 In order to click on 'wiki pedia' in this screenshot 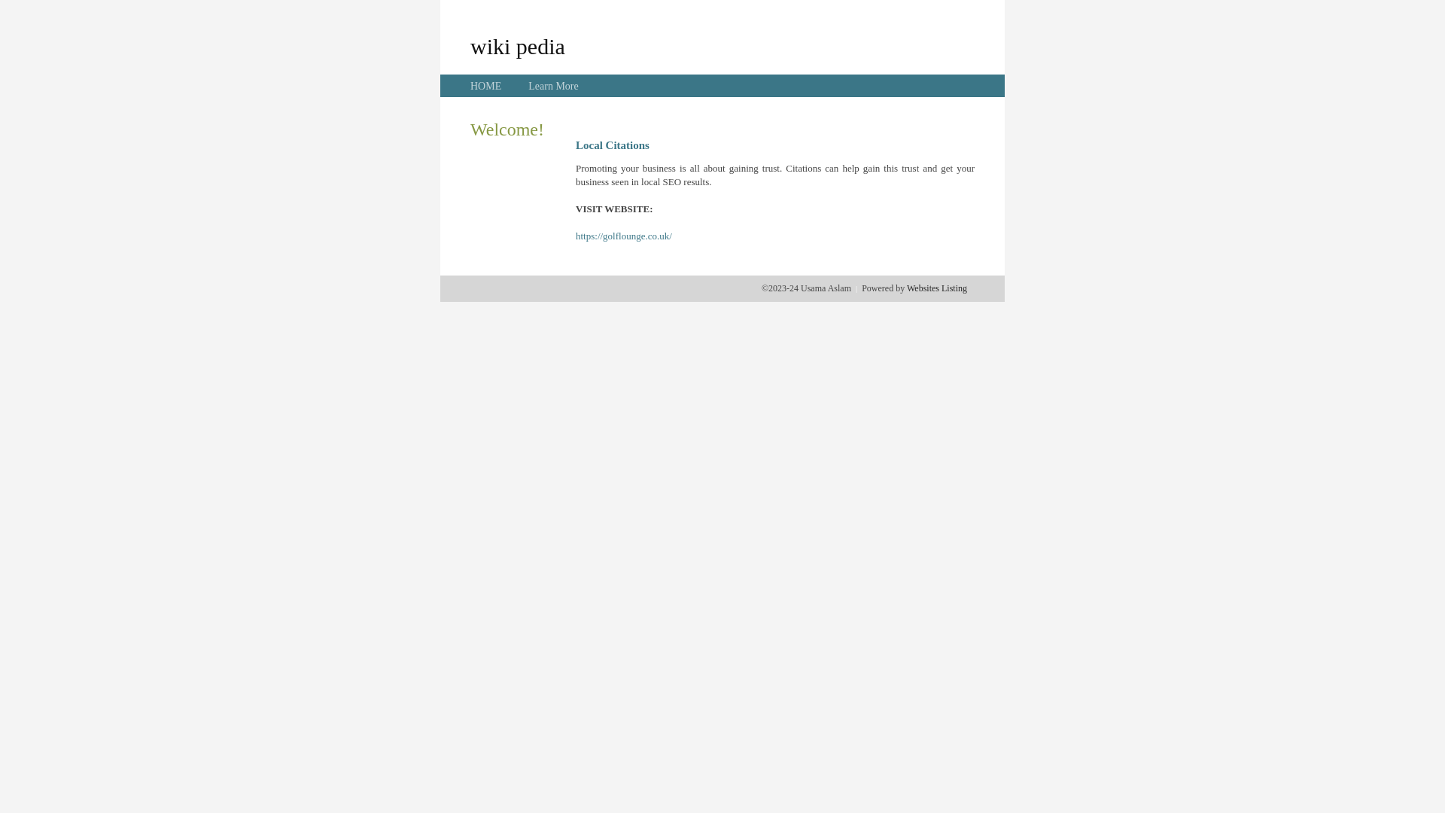, I will do `click(517, 45)`.